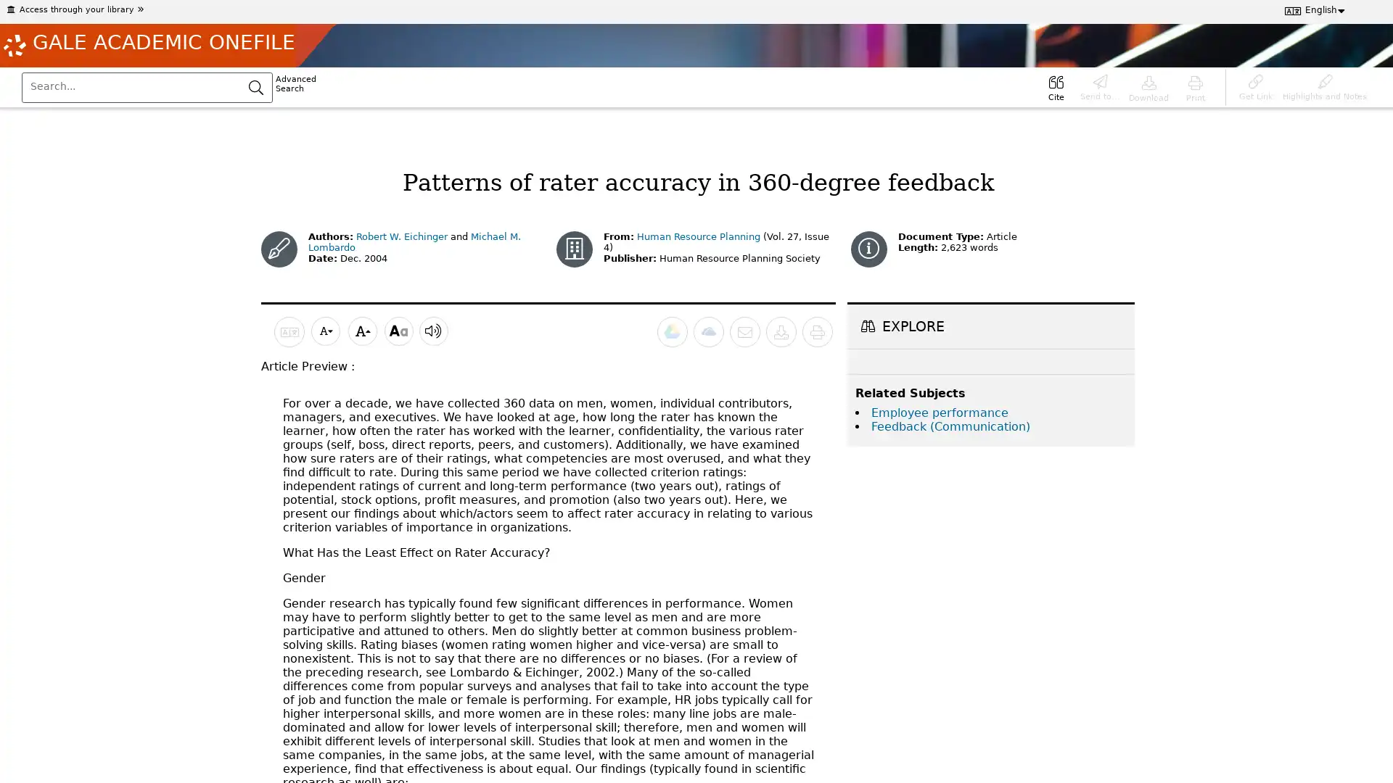 The height and width of the screenshot is (783, 1393). I want to click on Send to Microsoft OneDrive, so click(709, 332).